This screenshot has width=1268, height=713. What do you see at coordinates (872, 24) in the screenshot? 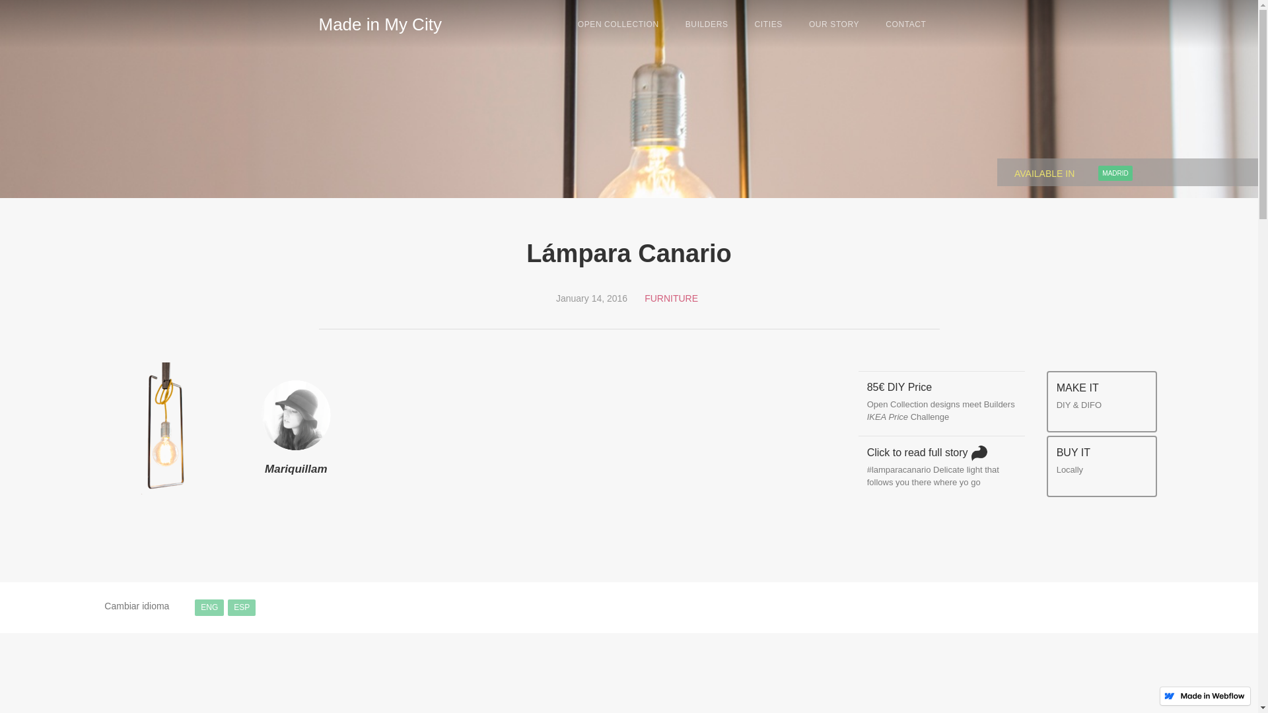
I see `'CONTACT'` at bounding box center [872, 24].